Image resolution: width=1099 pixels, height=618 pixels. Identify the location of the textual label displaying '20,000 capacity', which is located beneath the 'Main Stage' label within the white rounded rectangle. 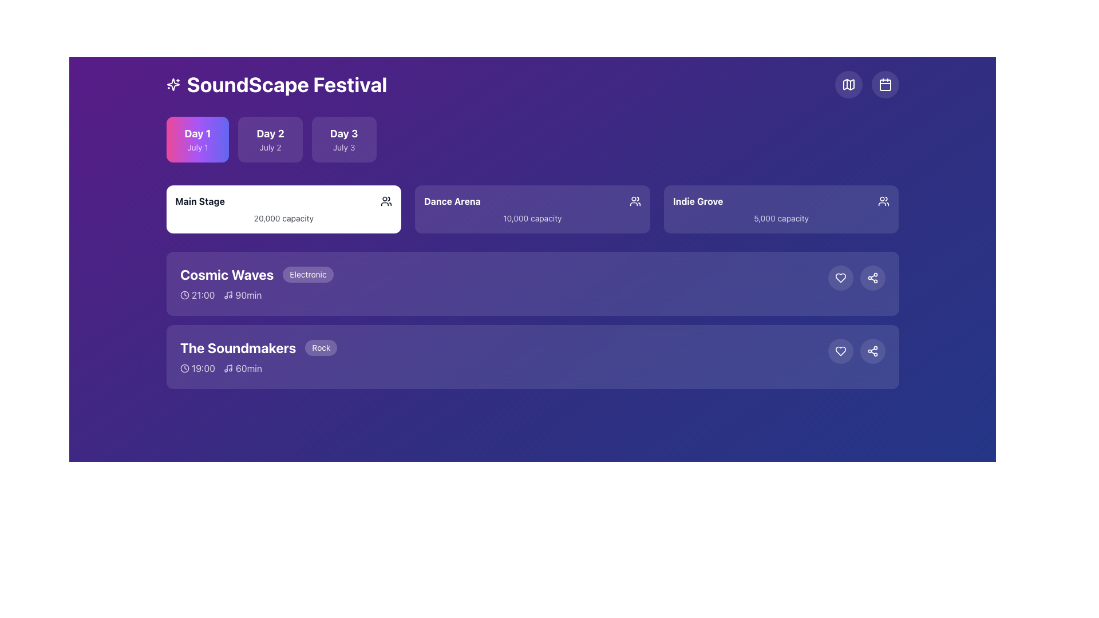
(283, 218).